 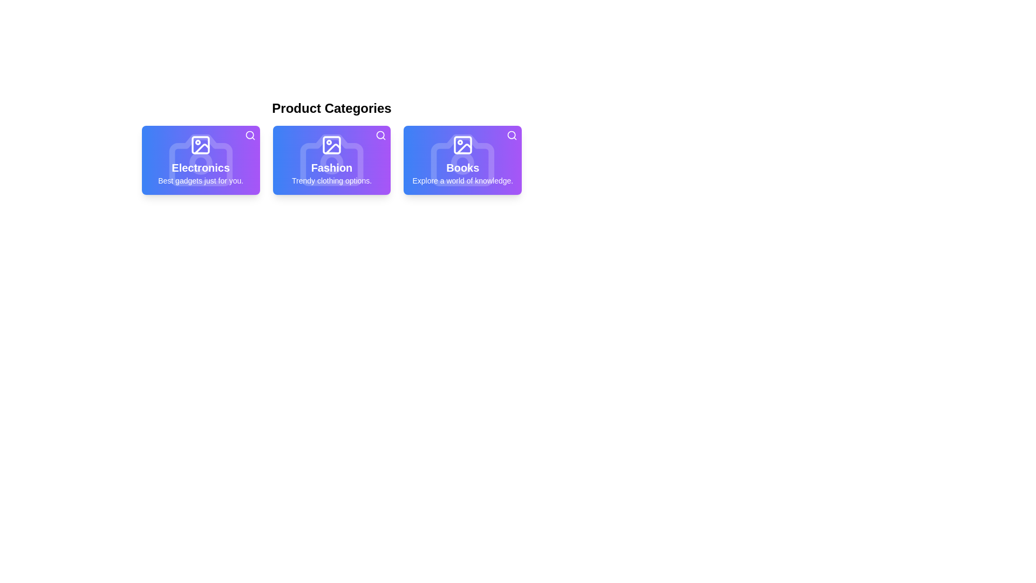 What do you see at coordinates (331, 168) in the screenshot?
I see `the text label that serves as the main title for the category in the middle card of a three-card layout, positioned slightly below the central horizontal axis` at bounding box center [331, 168].